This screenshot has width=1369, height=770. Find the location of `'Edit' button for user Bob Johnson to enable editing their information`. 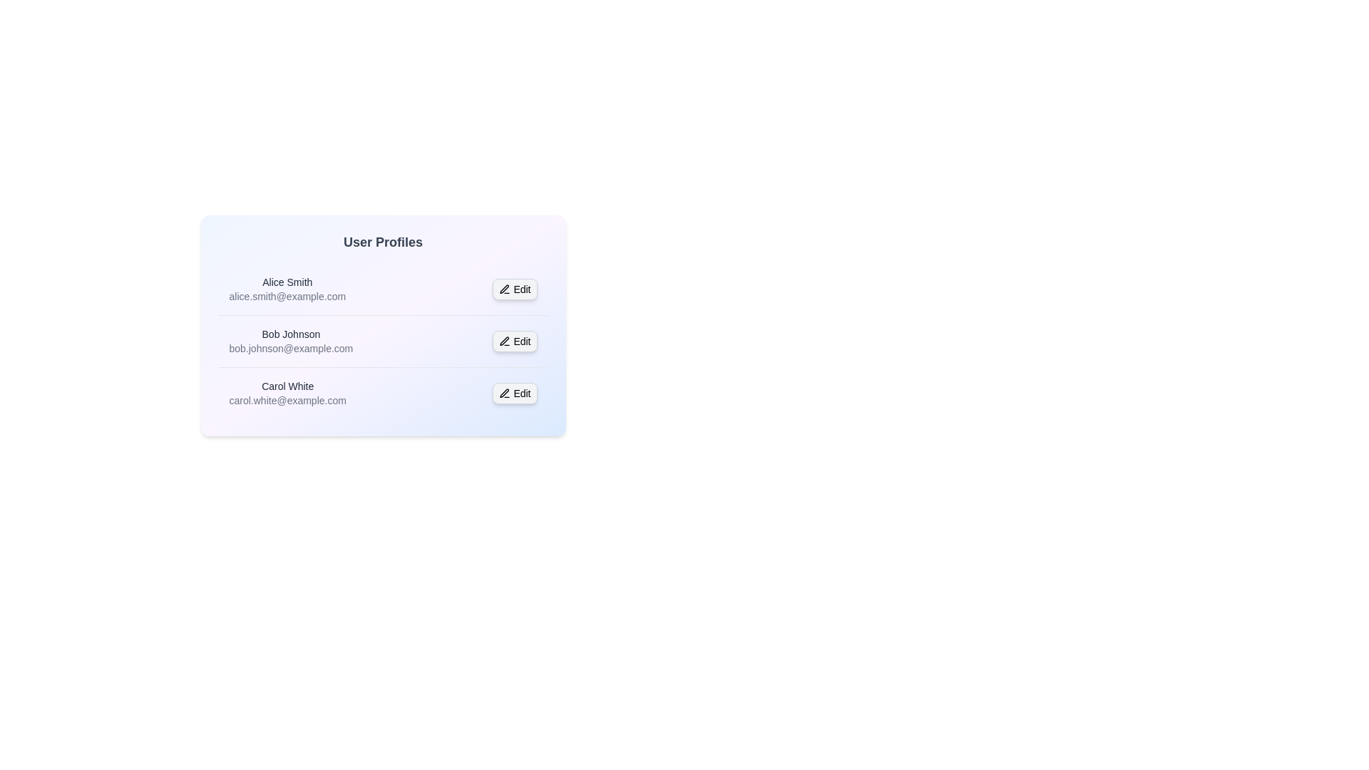

'Edit' button for user Bob Johnson to enable editing their information is located at coordinates (514, 341).